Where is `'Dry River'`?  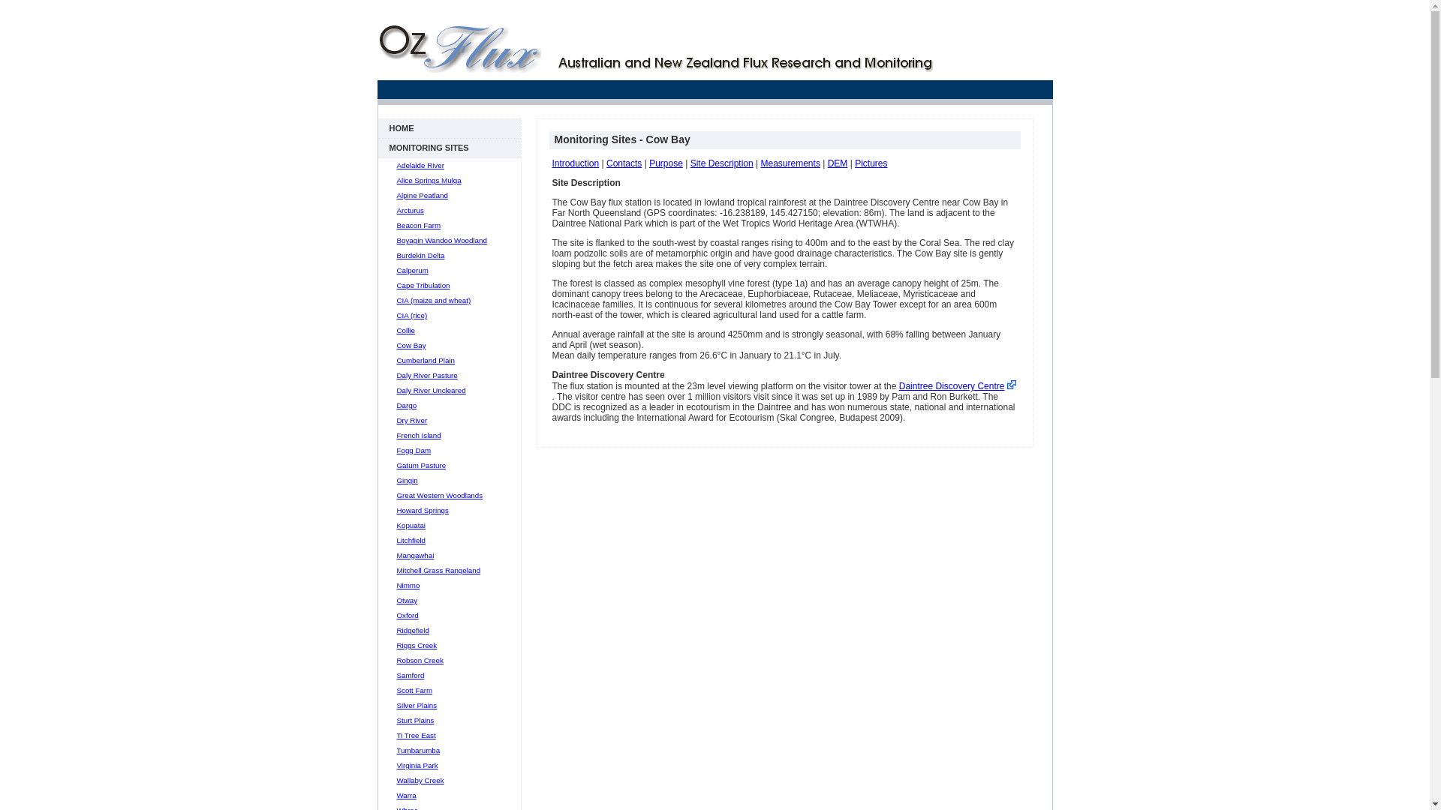 'Dry River' is located at coordinates (411, 420).